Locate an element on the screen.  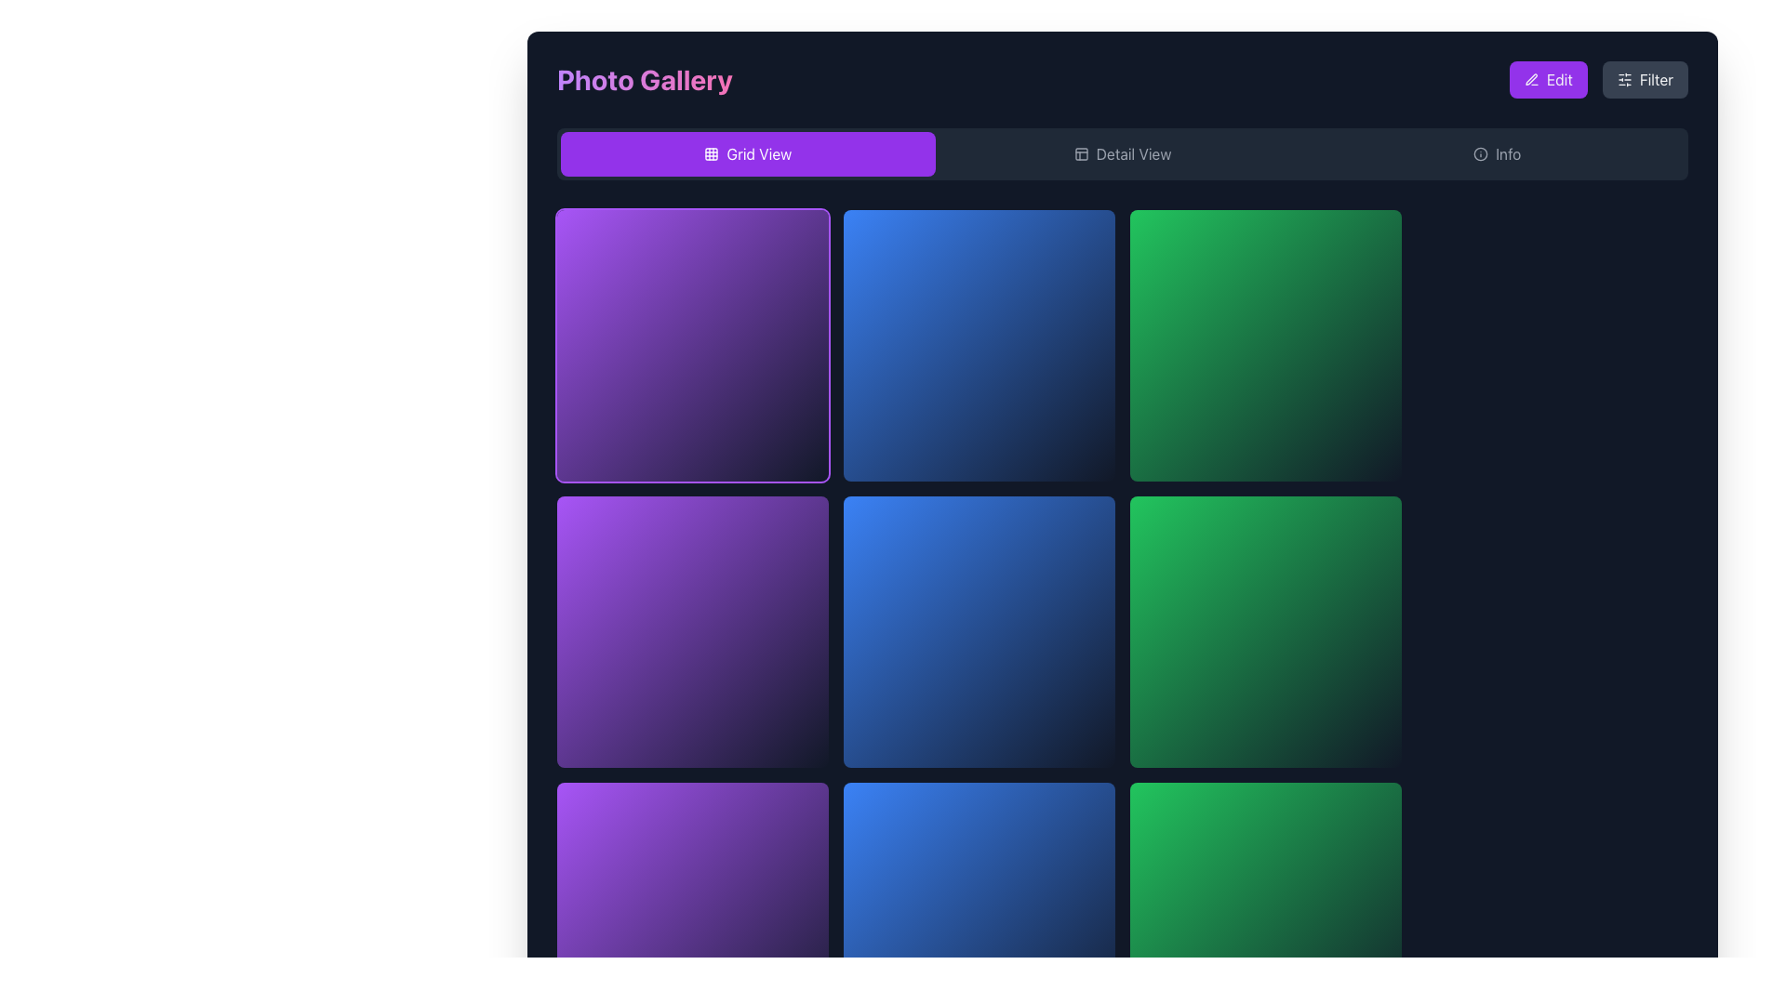
the third button in a horizontal row of buttons, located to the right of the 'Detail View' button is located at coordinates (1497, 152).